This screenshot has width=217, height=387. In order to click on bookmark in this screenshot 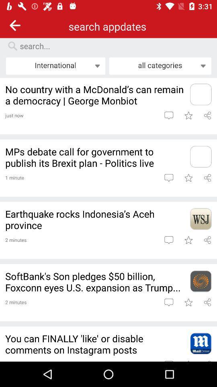, I will do `click(188, 115)`.